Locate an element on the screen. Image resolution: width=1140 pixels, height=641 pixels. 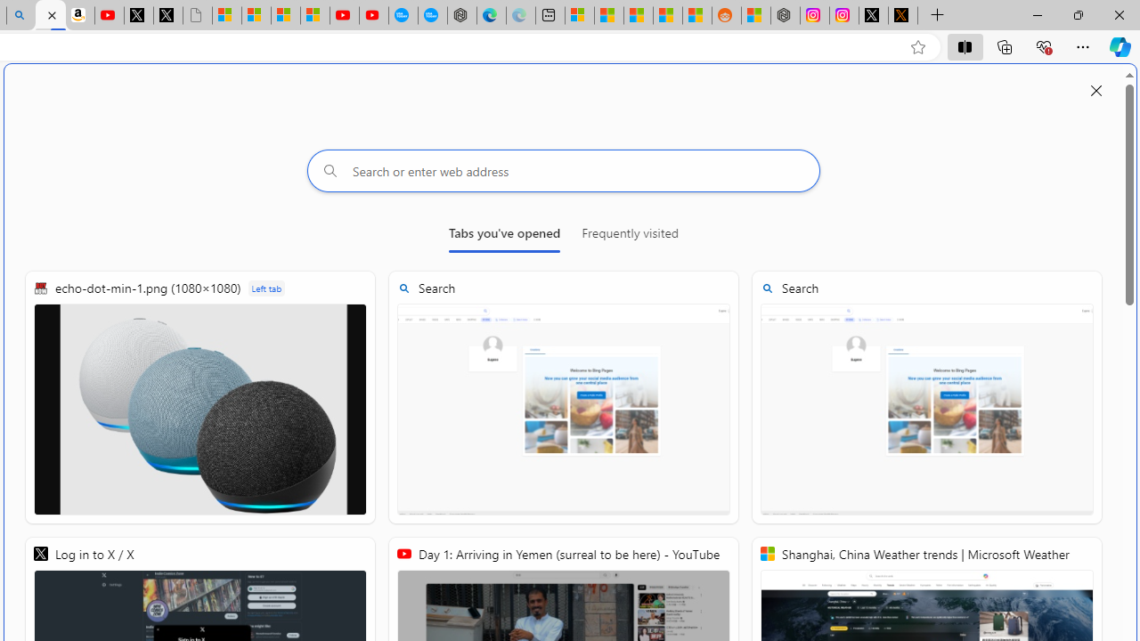
'help.x.com | 524: A timeout occurred' is located at coordinates (903, 15).